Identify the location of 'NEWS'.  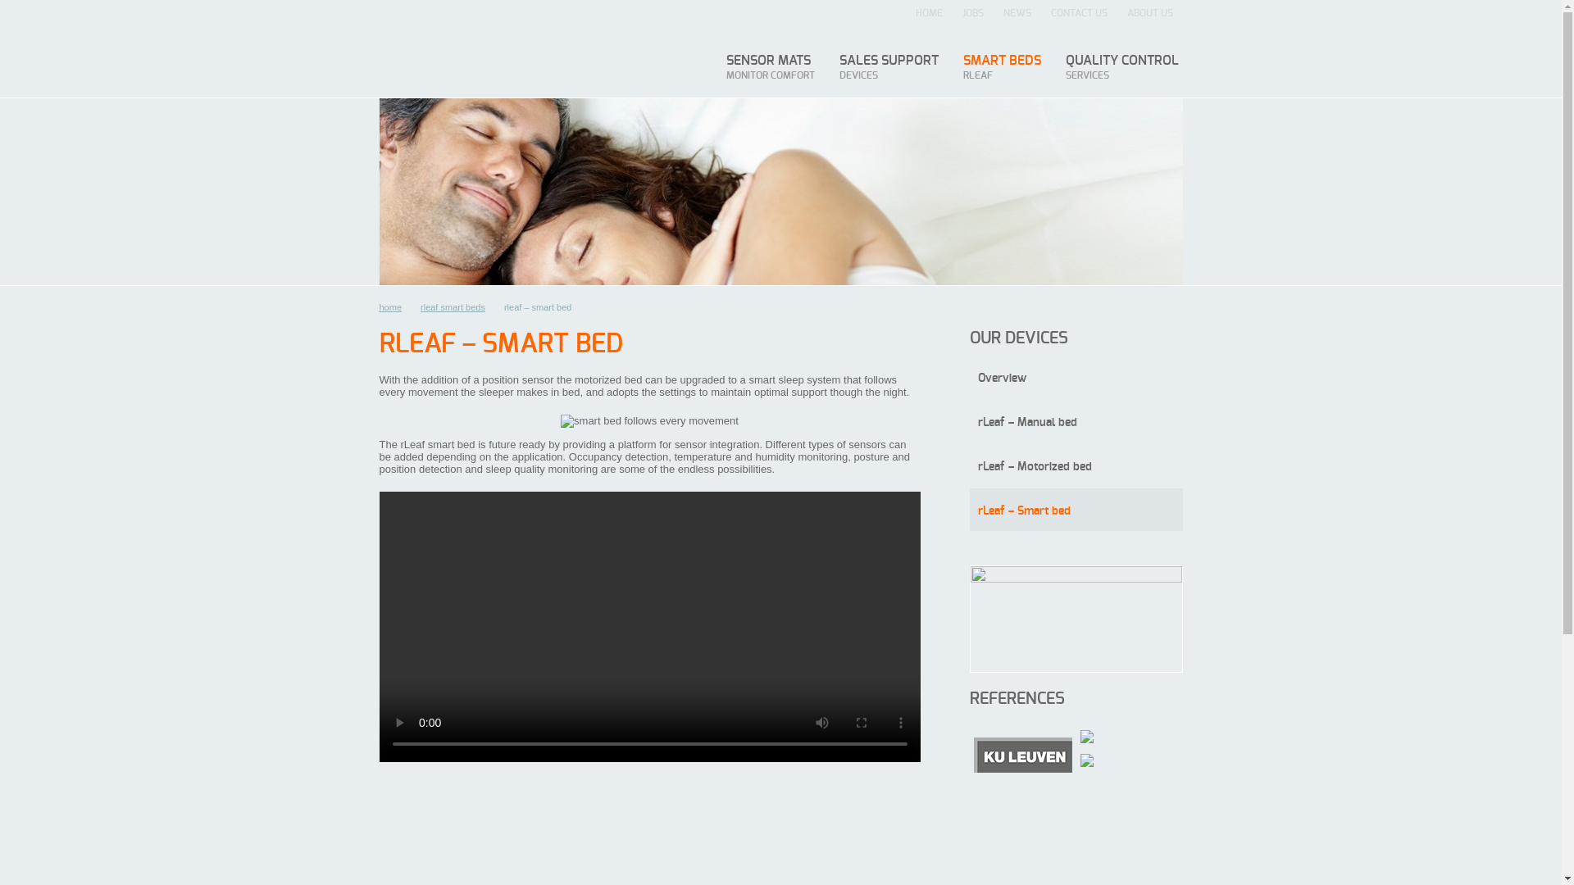
(992, 11).